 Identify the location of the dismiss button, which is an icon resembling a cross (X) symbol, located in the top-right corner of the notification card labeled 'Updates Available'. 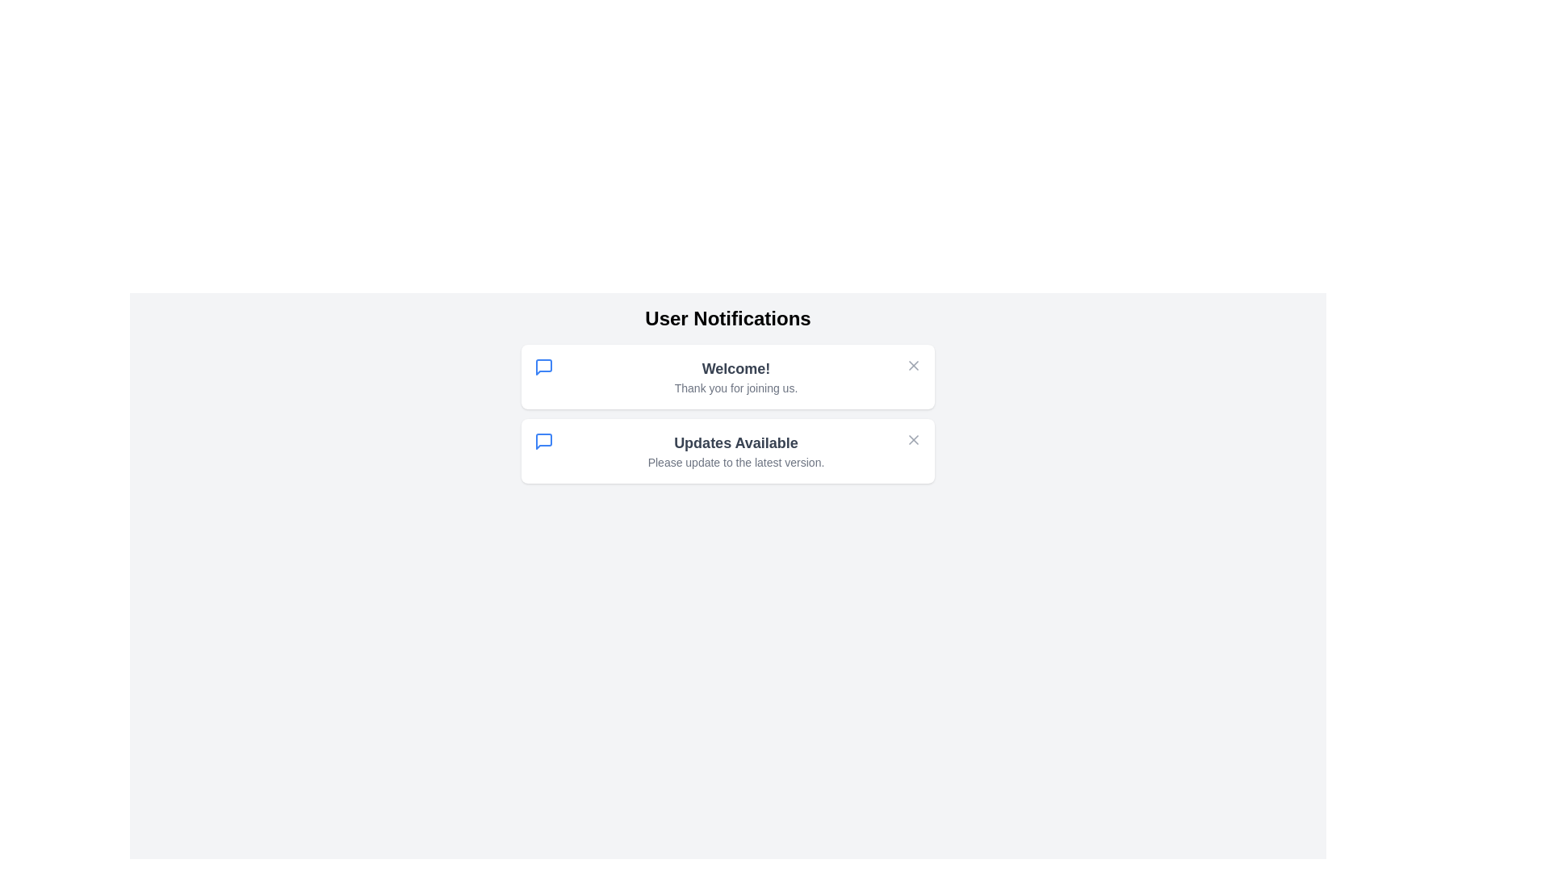
(914, 439).